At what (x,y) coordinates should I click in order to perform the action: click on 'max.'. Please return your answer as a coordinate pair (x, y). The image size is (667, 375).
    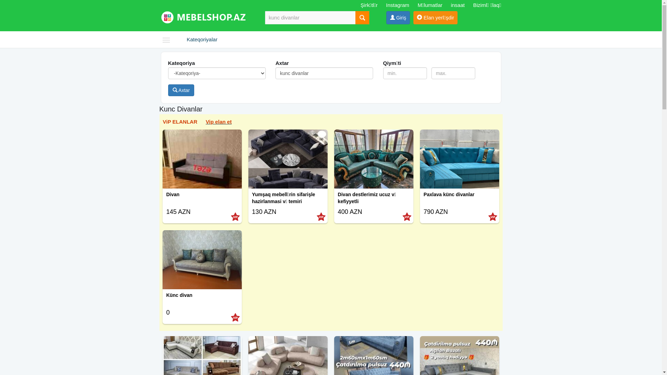
    Looking at the image, I should click on (453, 73).